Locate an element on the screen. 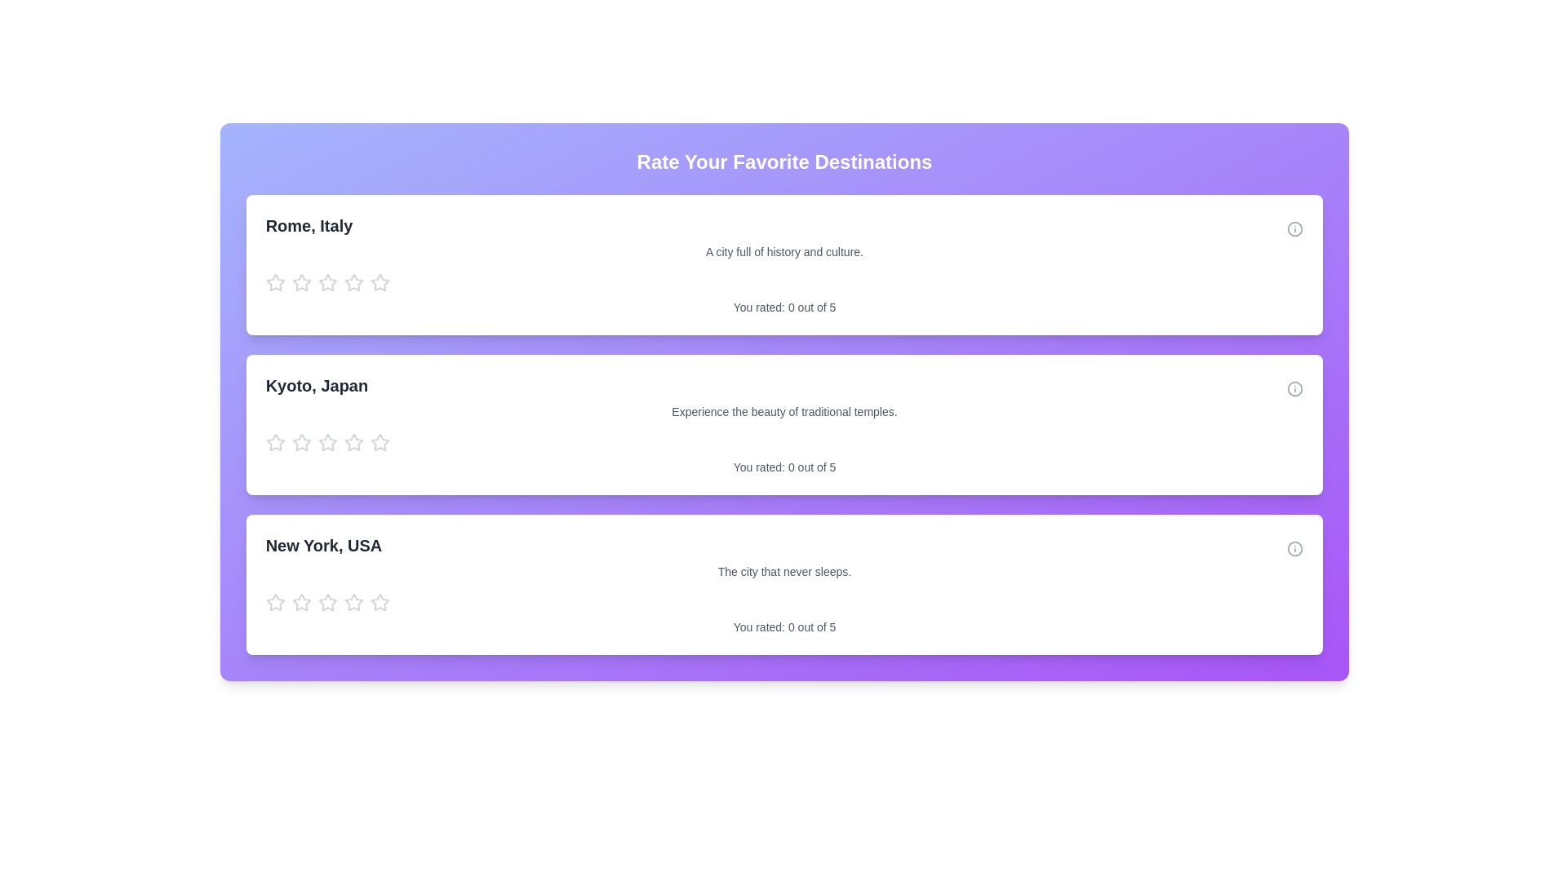  the leftmost star icon used for rating directly below the 'Rome, Italy' title is located at coordinates (275, 281).